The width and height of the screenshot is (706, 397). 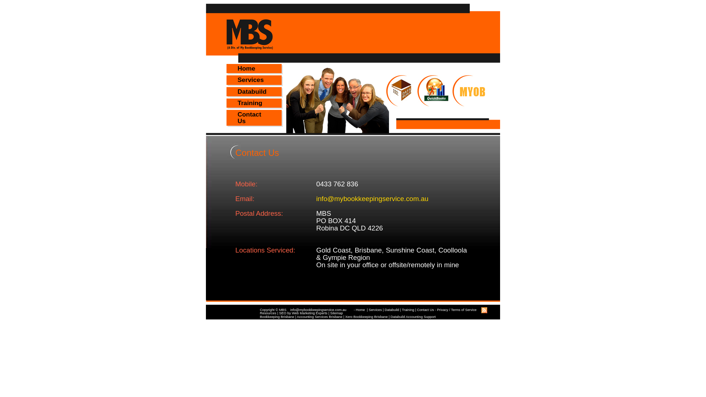 What do you see at coordinates (413, 316) in the screenshot?
I see `'Databuild Accounting Support'` at bounding box center [413, 316].